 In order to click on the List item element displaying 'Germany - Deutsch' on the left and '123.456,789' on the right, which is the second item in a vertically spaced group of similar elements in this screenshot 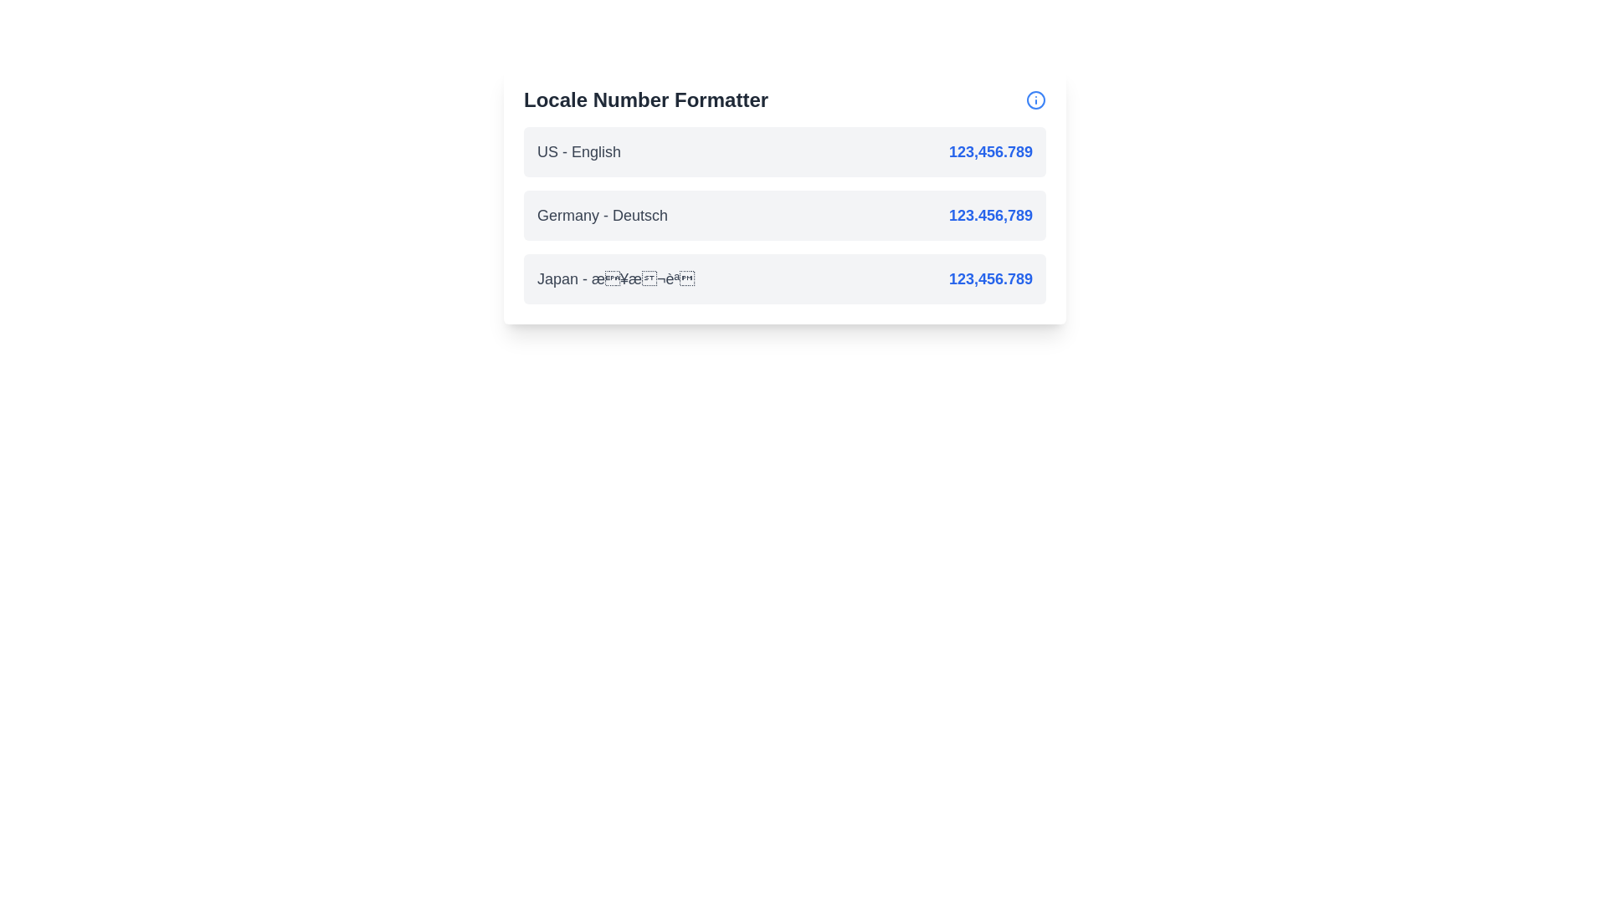, I will do `click(783, 215)`.